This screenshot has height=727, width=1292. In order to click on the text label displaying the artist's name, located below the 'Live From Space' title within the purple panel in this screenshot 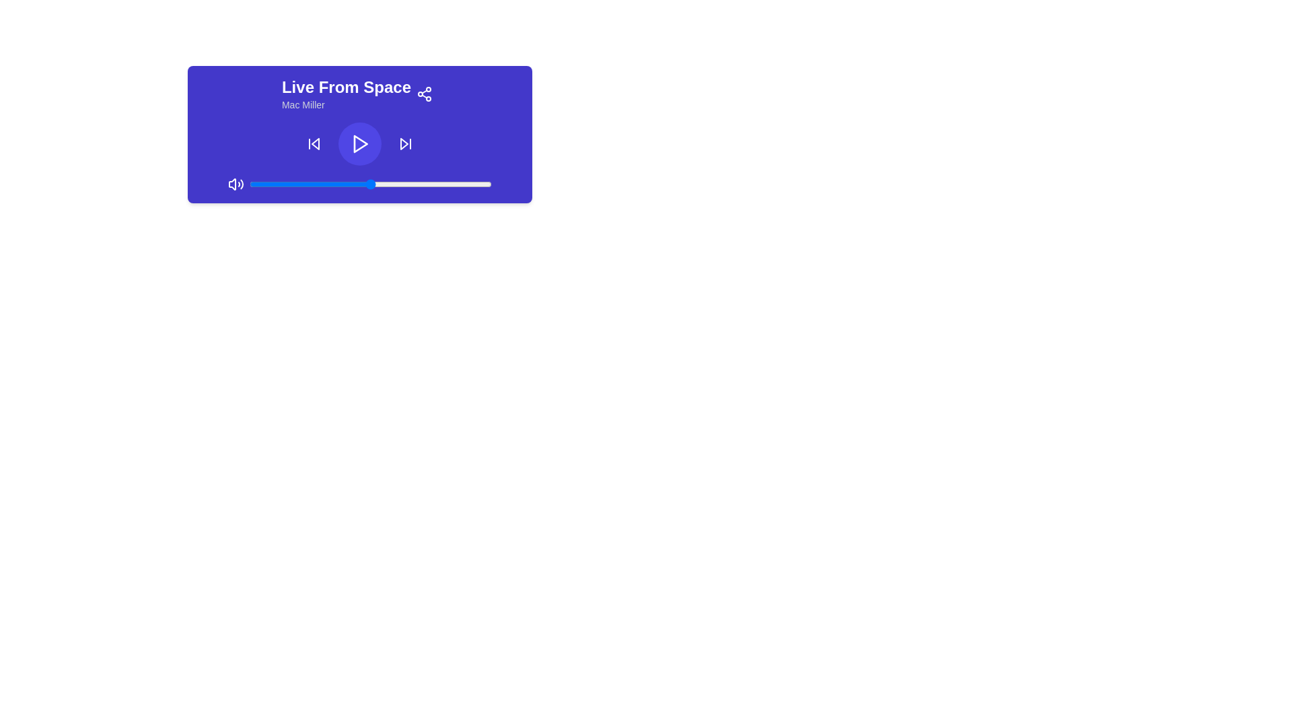, I will do `click(302, 104)`.